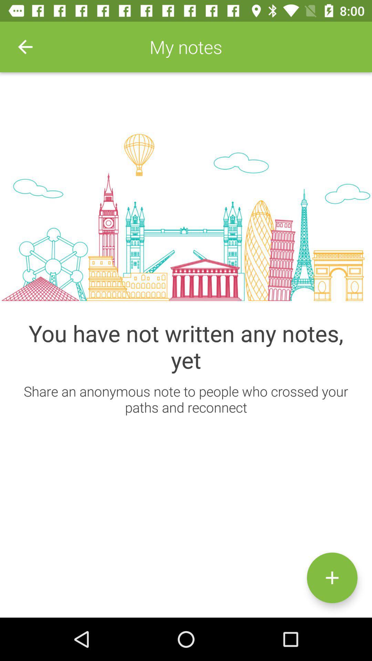 Image resolution: width=372 pixels, height=661 pixels. Describe the element at coordinates (332, 578) in the screenshot. I see `the icon below the share an anonymous` at that location.